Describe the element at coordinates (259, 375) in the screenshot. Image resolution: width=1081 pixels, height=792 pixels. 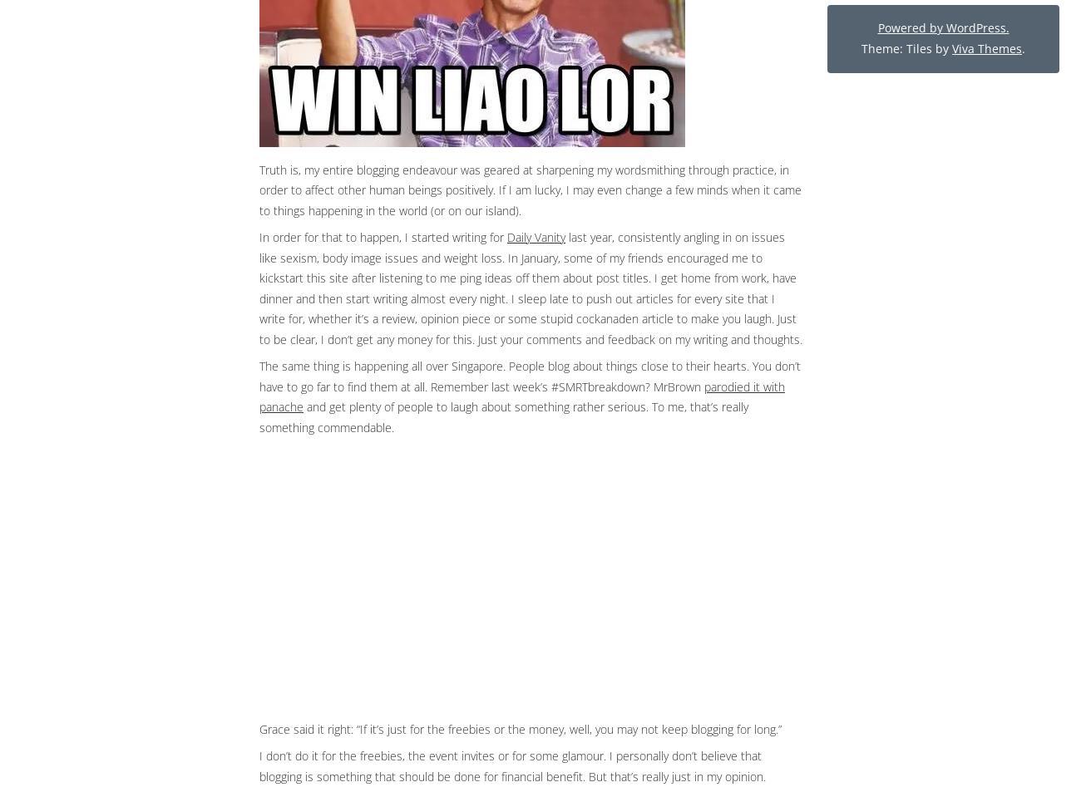
I see `'The same thing is happening all over Singapore. People blog about things close to their hearts. You don’t have to go far to find them at all. Remember last week’s #SMRTbreakdown? MrBrown'` at that location.